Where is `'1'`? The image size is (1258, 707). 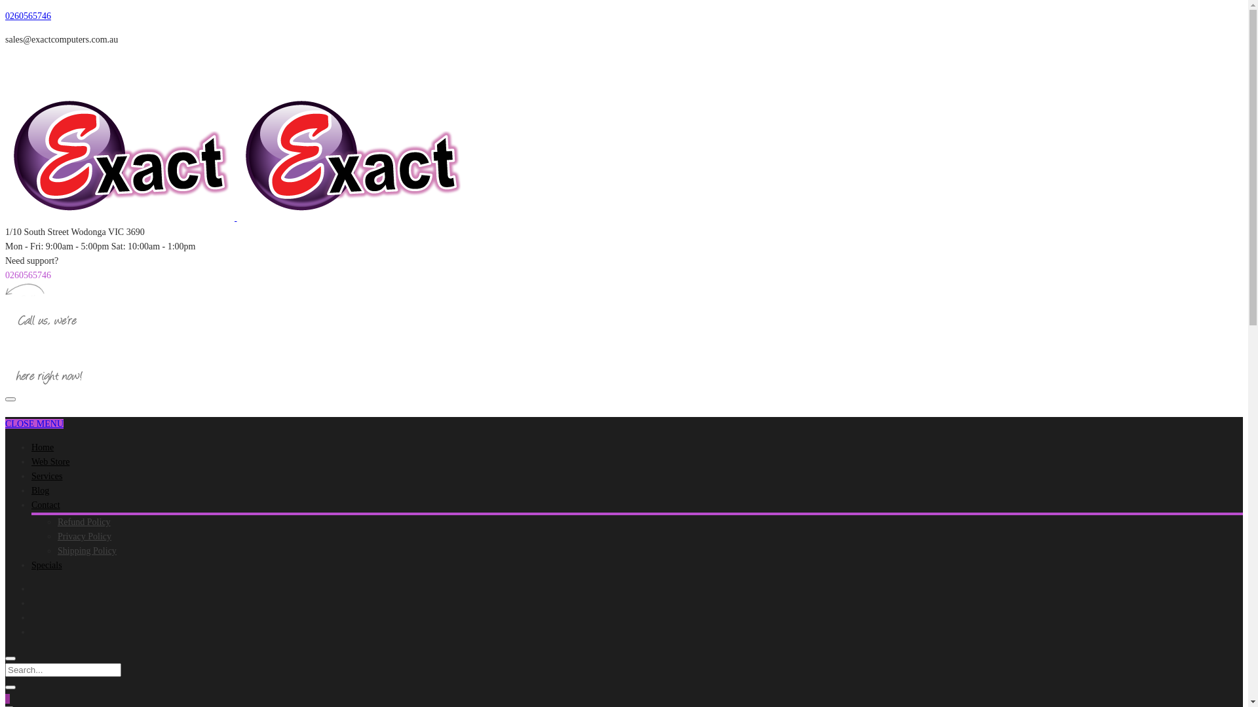
'1' is located at coordinates (7, 698).